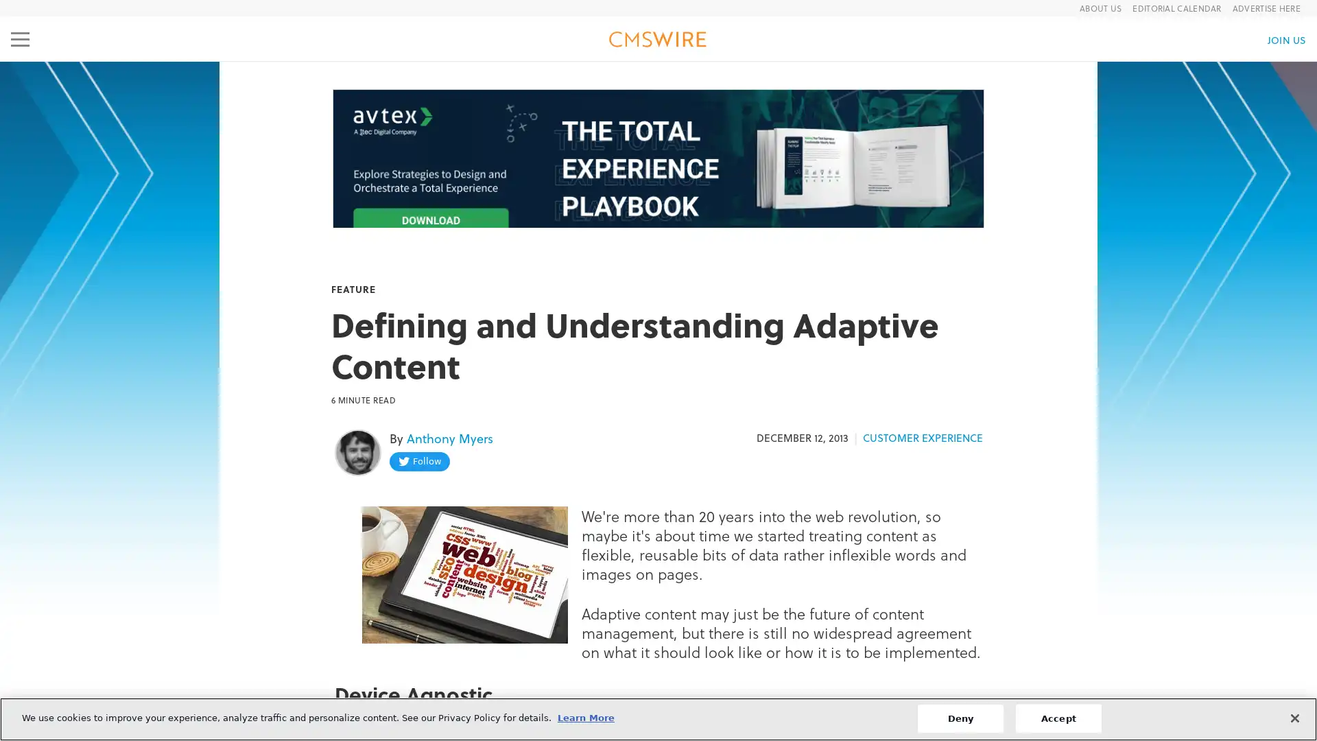 The height and width of the screenshot is (741, 1317). I want to click on By submitting this form you are consenting to our privacy policy and to being contacted by SMG/CMSWire., so click(656, 443).